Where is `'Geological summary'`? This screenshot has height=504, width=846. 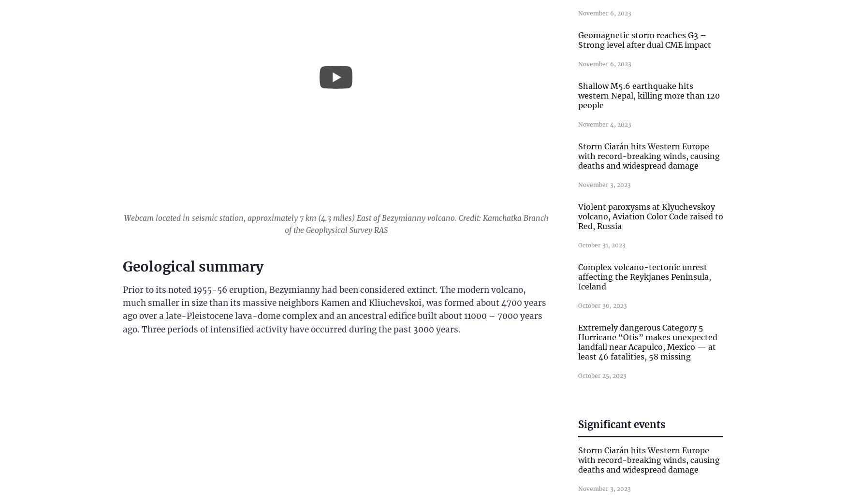 'Geological summary' is located at coordinates (192, 266).